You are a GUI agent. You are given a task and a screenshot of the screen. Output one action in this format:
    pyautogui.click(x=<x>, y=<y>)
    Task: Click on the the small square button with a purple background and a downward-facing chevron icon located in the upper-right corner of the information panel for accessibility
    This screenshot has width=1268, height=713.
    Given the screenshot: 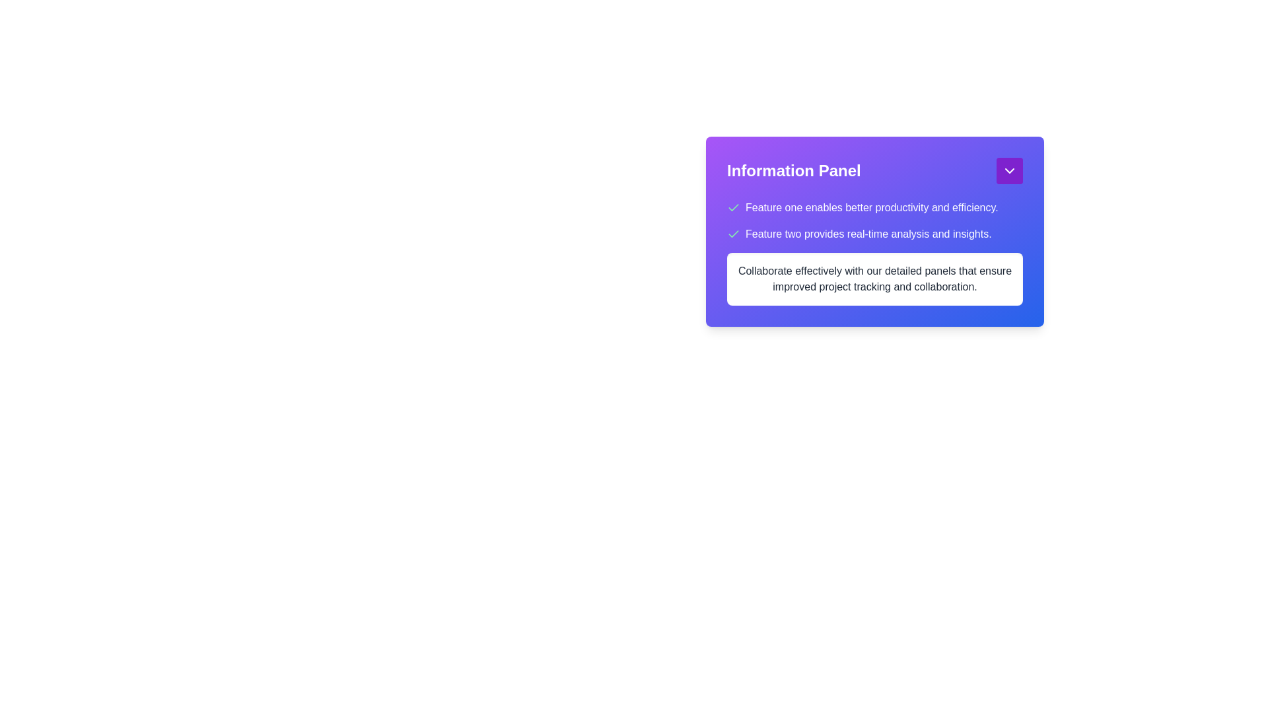 What is the action you would take?
    pyautogui.click(x=1009, y=170)
    